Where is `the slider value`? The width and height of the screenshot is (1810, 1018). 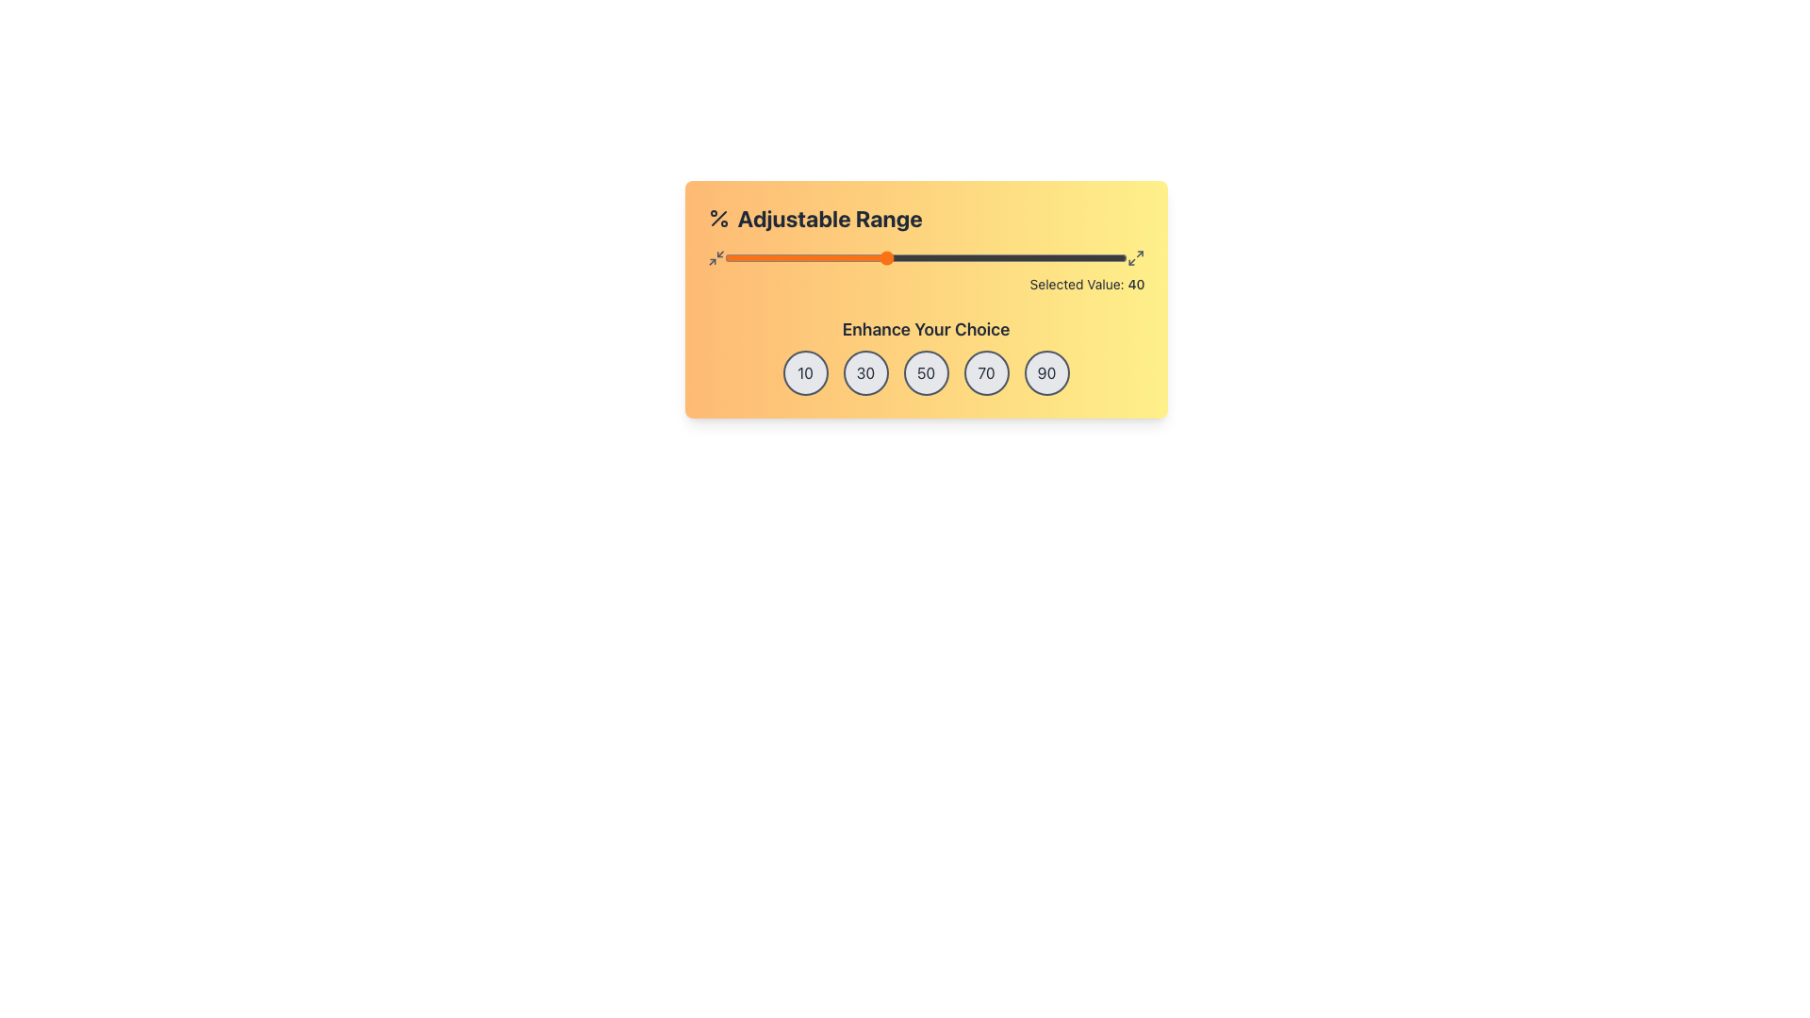 the slider value is located at coordinates (732, 257).